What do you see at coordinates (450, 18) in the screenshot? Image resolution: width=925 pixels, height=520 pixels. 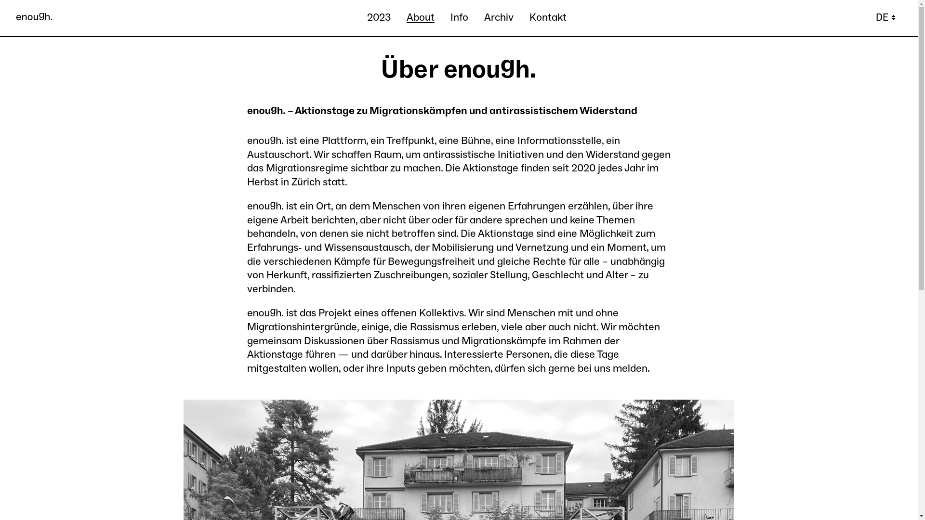 I see `'Info'` at bounding box center [450, 18].